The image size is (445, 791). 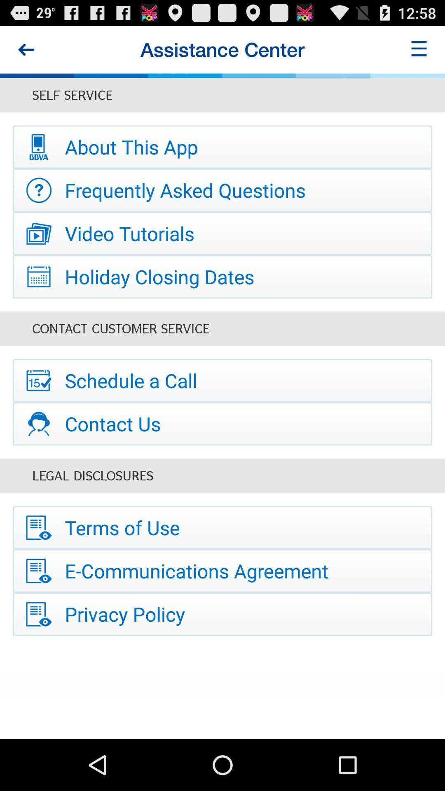 I want to click on the e-communications agreement icon, so click(x=222, y=571).